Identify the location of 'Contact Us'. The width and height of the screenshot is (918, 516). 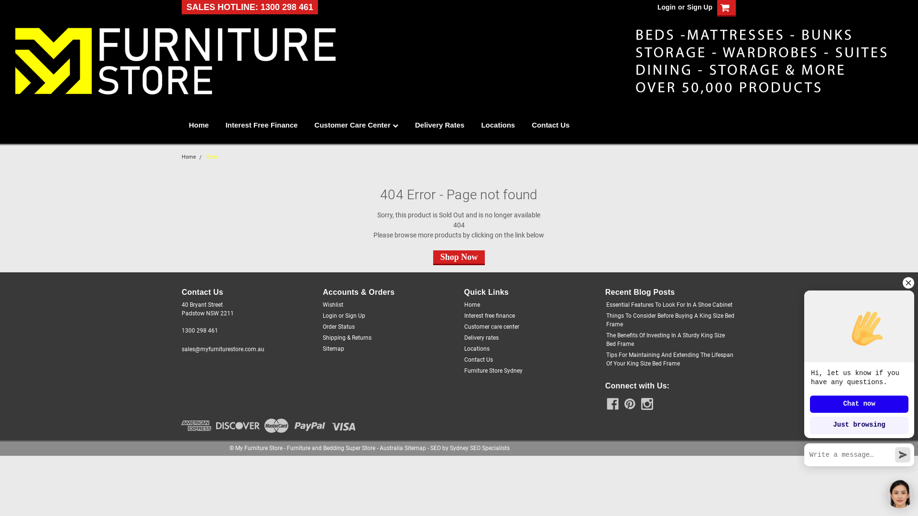
(559, 125).